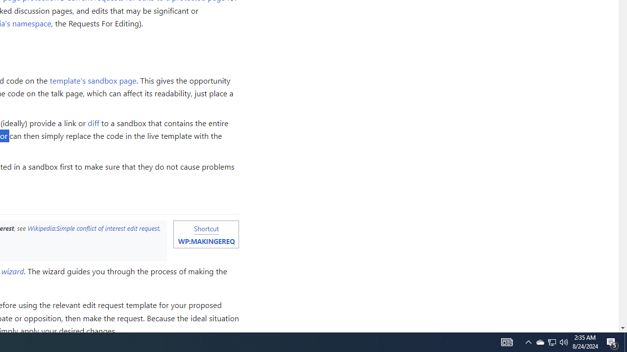 Image resolution: width=627 pixels, height=352 pixels. What do you see at coordinates (206, 241) in the screenshot?
I see `'WP:MAKINGEREQ'` at bounding box center [206, 241].